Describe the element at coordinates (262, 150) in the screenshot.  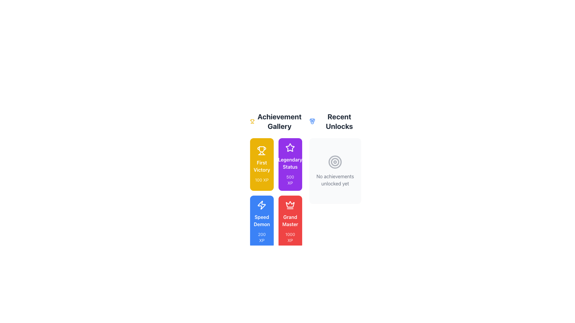
I see `the trophy-shaped icon with a yellow background located at the top of the 'First Victory' card in the 'Achievement Gallery' panel` at that location.